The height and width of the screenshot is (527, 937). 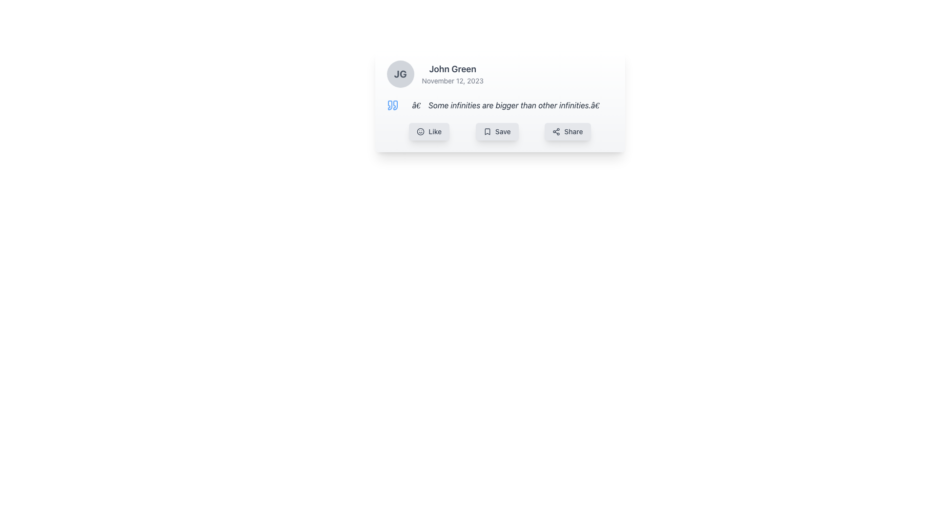 What do you see at coordinates (487, 132) in the screenshot?
I see `the save icon located to the left of the 'Save' button text, which visually represents the saving action` at bounding box center [487, 132].